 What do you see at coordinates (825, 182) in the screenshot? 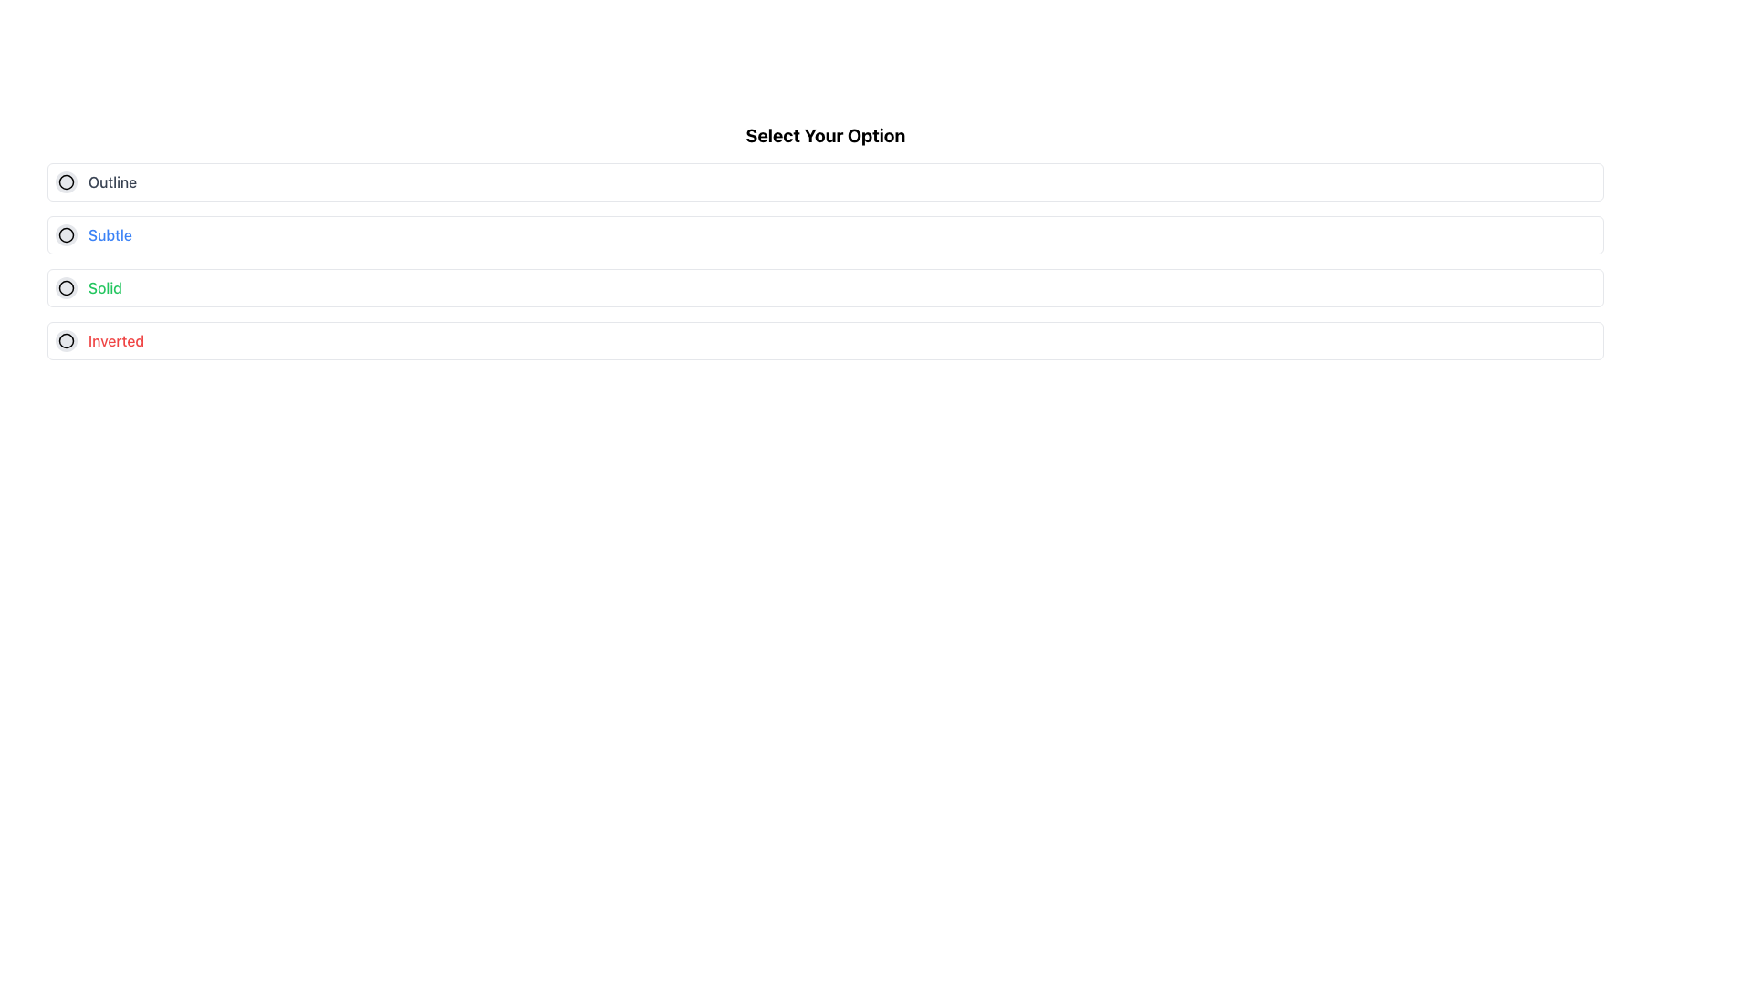
I see `the first radio button in the vertical list` at bounding box center [825, 182].